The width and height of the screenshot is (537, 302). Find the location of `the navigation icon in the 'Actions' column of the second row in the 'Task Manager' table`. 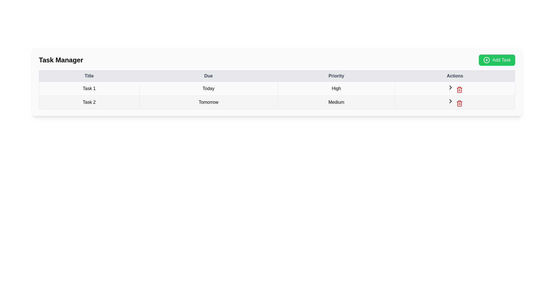

the navigation icon in the 'Actions' column of the second row in the 'Task Manager' table is located at coordinates (450, 101).